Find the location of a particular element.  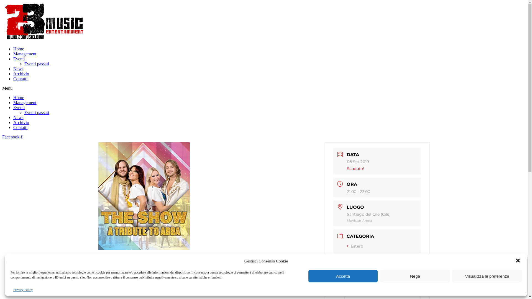

'Archivio' is located at coordinates (21, 122).